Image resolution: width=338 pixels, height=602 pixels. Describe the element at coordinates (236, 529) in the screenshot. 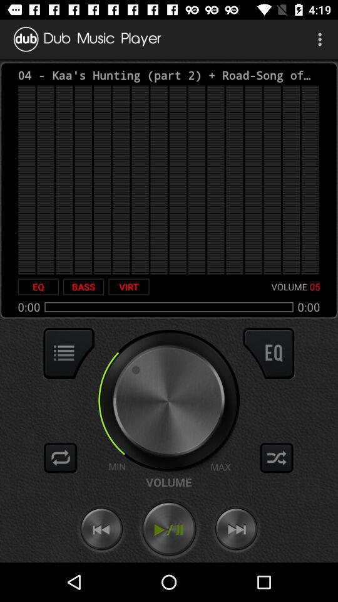

I see `next song` at that location.